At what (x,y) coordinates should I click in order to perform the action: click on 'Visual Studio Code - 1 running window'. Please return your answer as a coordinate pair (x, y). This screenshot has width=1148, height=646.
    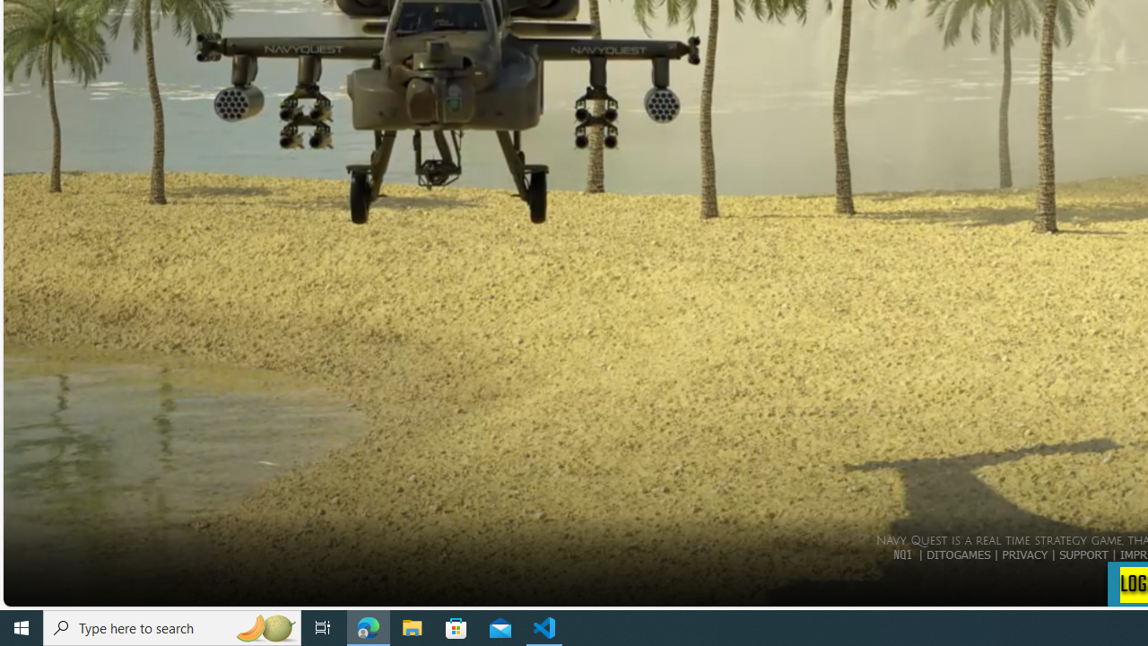
    Looking at the image, I should click on (544, 626).